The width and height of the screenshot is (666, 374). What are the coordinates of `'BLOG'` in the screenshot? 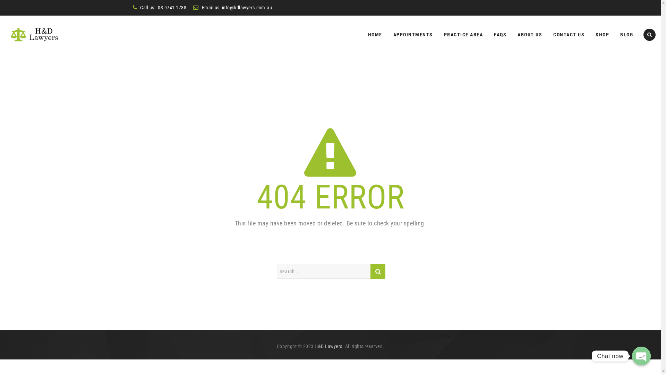 It's located at (626, 35).